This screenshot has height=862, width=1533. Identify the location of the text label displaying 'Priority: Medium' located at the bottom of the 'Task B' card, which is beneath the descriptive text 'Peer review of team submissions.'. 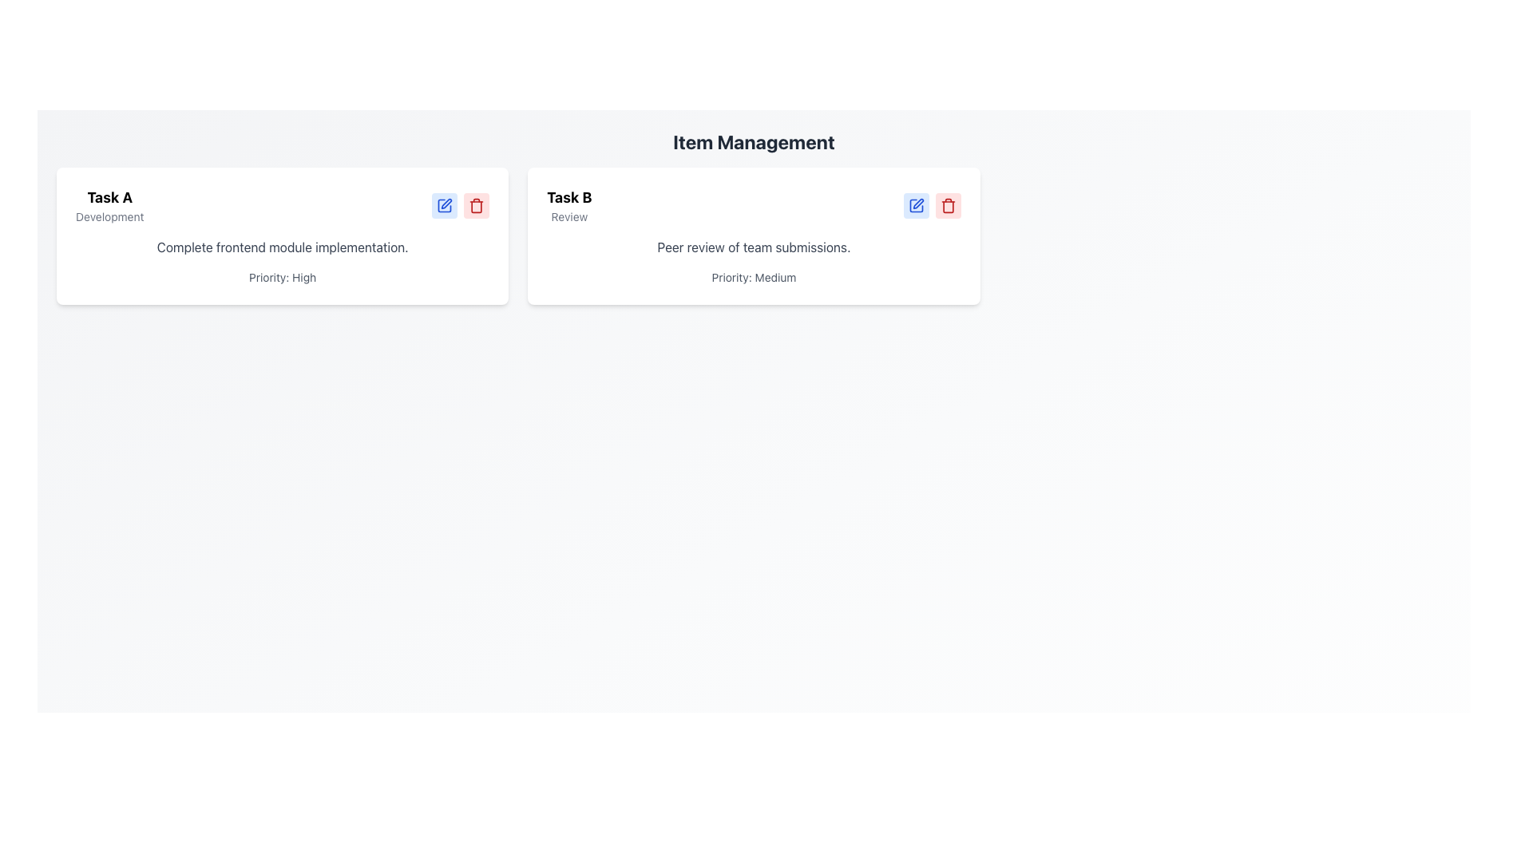
(753, 276).